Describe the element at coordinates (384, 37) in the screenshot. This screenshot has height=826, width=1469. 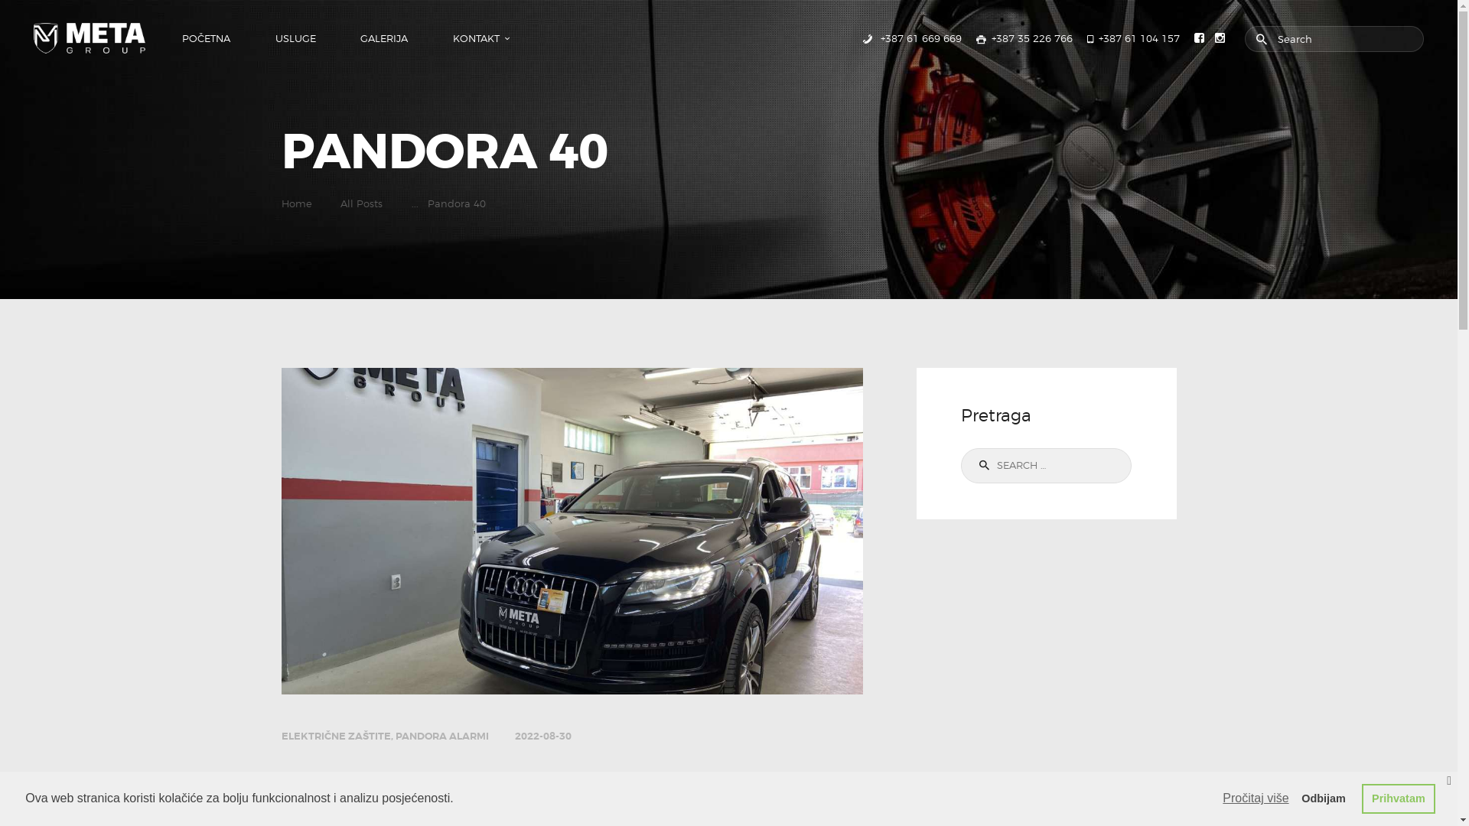
I see `'GALERIJA'` at that location.